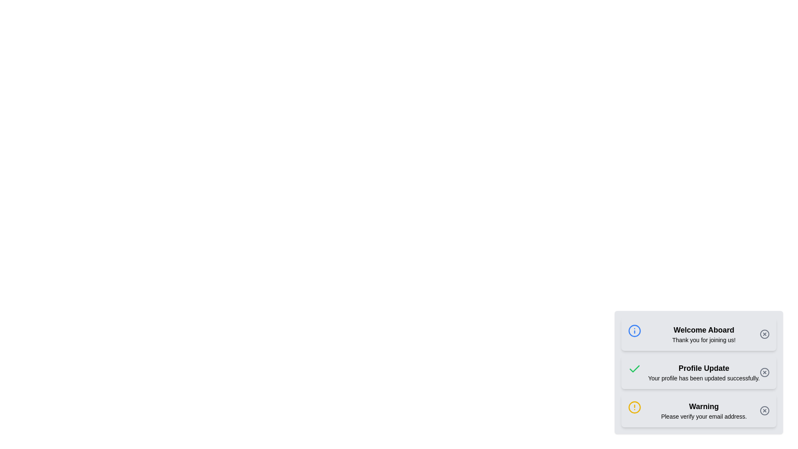  Describe the element at coordinates (764, 333) in the screenshot. I see `the circular button with a plus-shaped cross inside, located in the top-right corner of the 'Welcome Aboard' notification` at that location.